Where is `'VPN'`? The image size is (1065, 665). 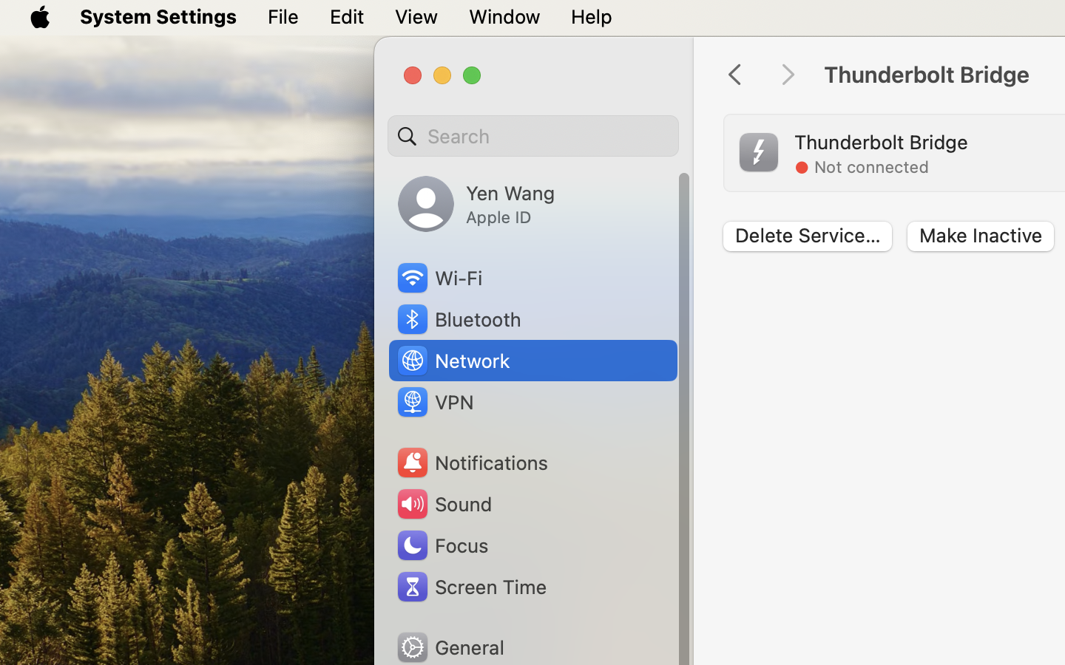
'VPN' is located at coordinates (433, 400).